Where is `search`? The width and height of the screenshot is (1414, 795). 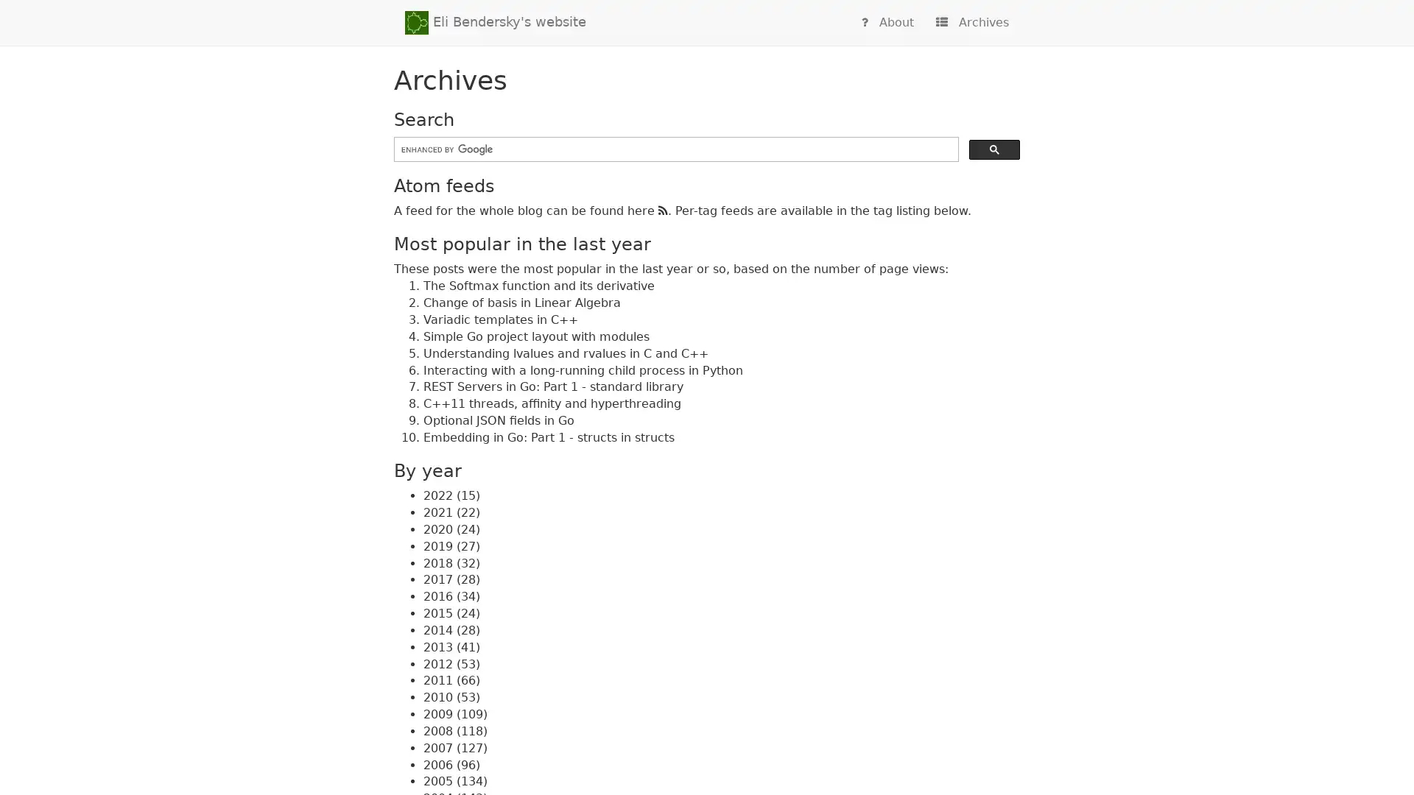 search is located at coordinates (994, 149).